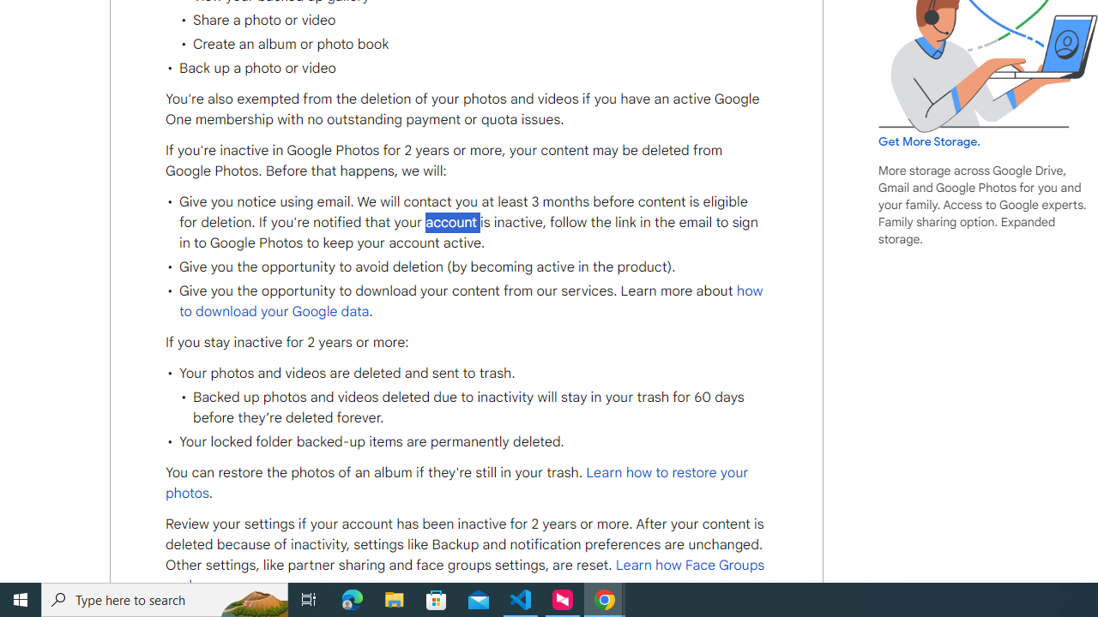 The width and height of the screenshot is (1098, 617). I want to click on 'how to download your Google data', so click(471, 300).